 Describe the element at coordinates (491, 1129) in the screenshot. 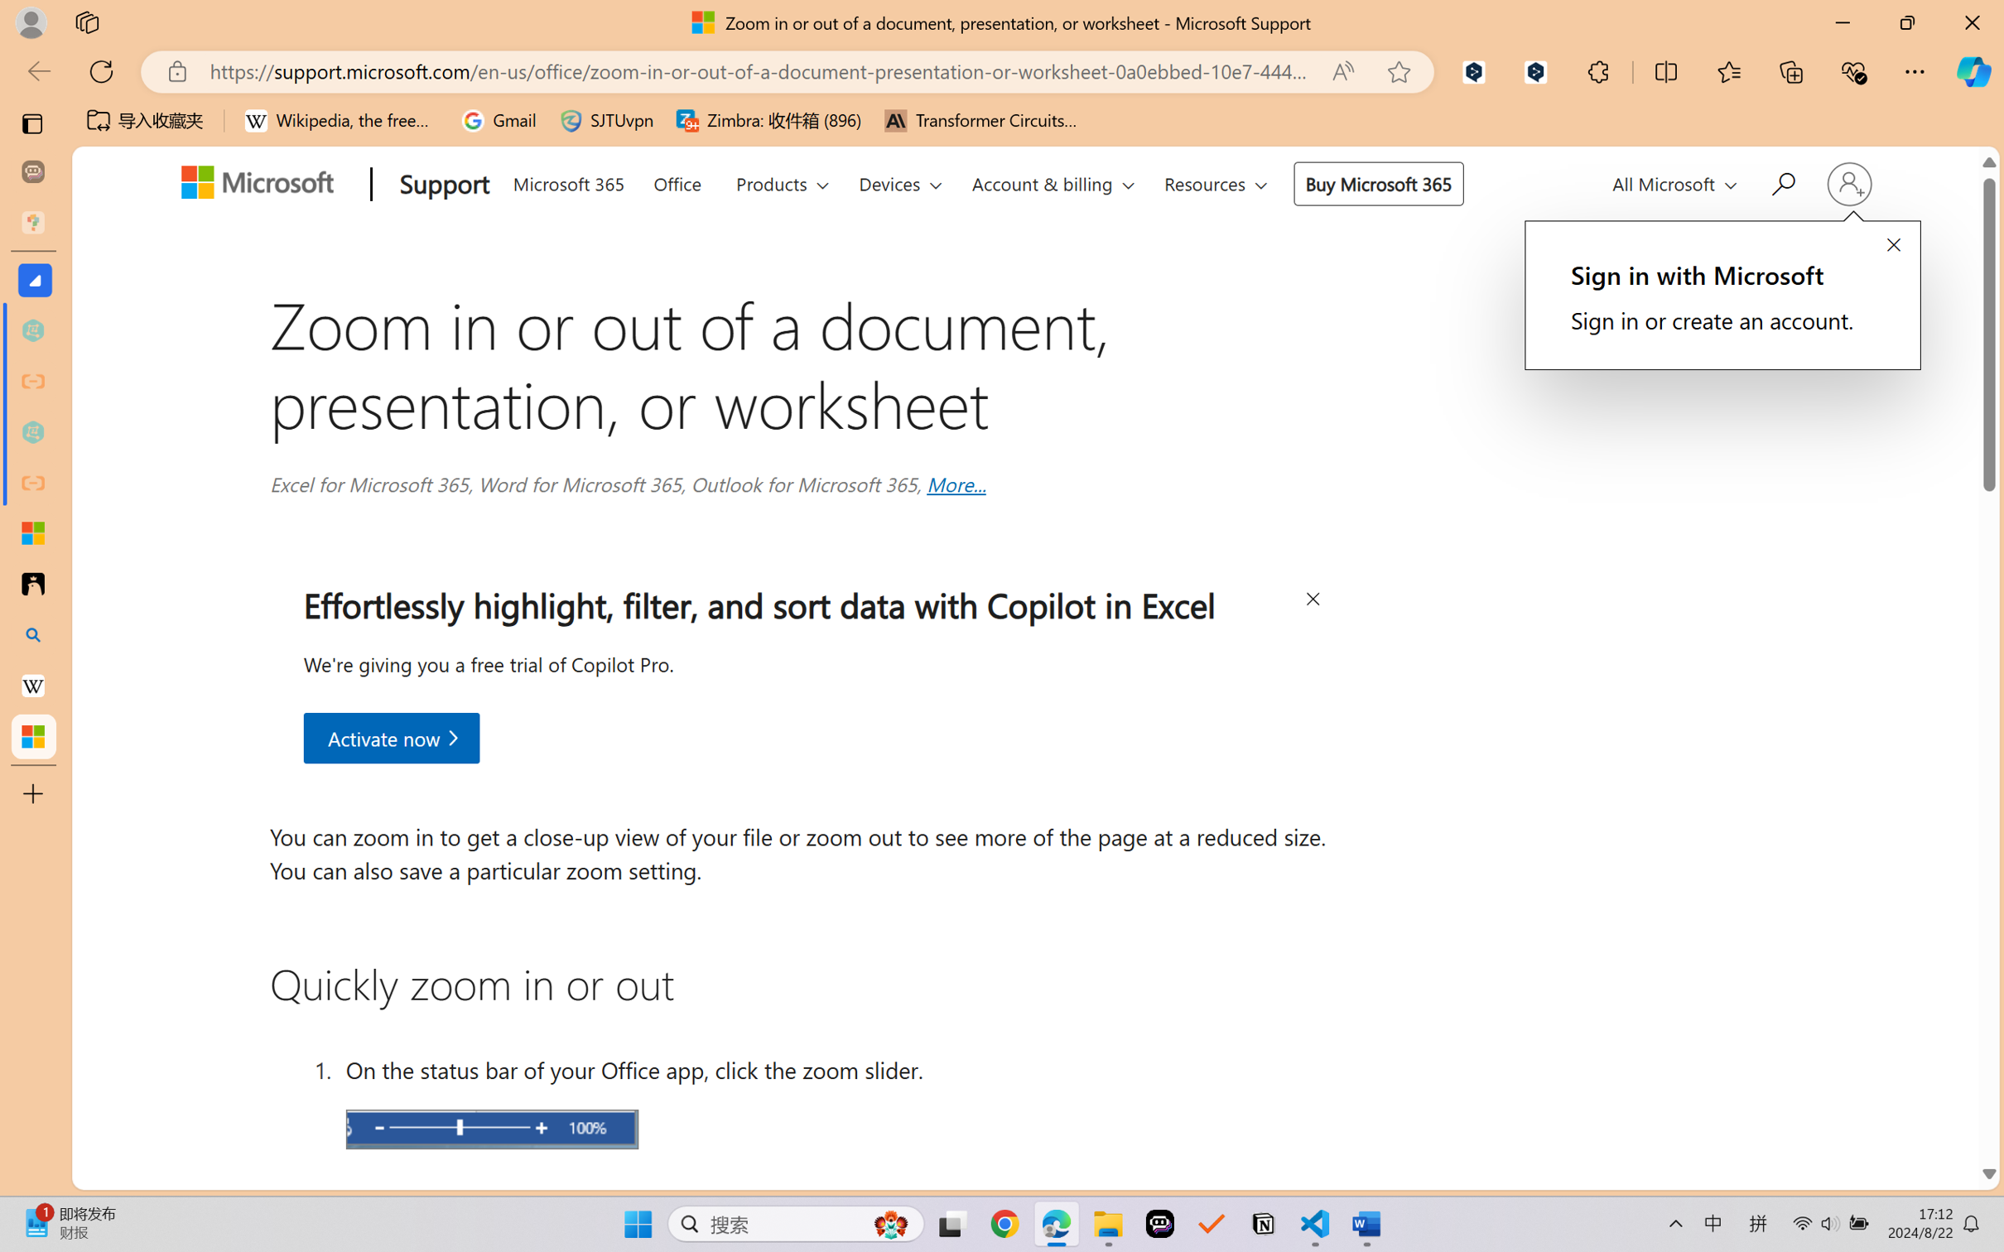

I see `'Zoom slider'` at that location.